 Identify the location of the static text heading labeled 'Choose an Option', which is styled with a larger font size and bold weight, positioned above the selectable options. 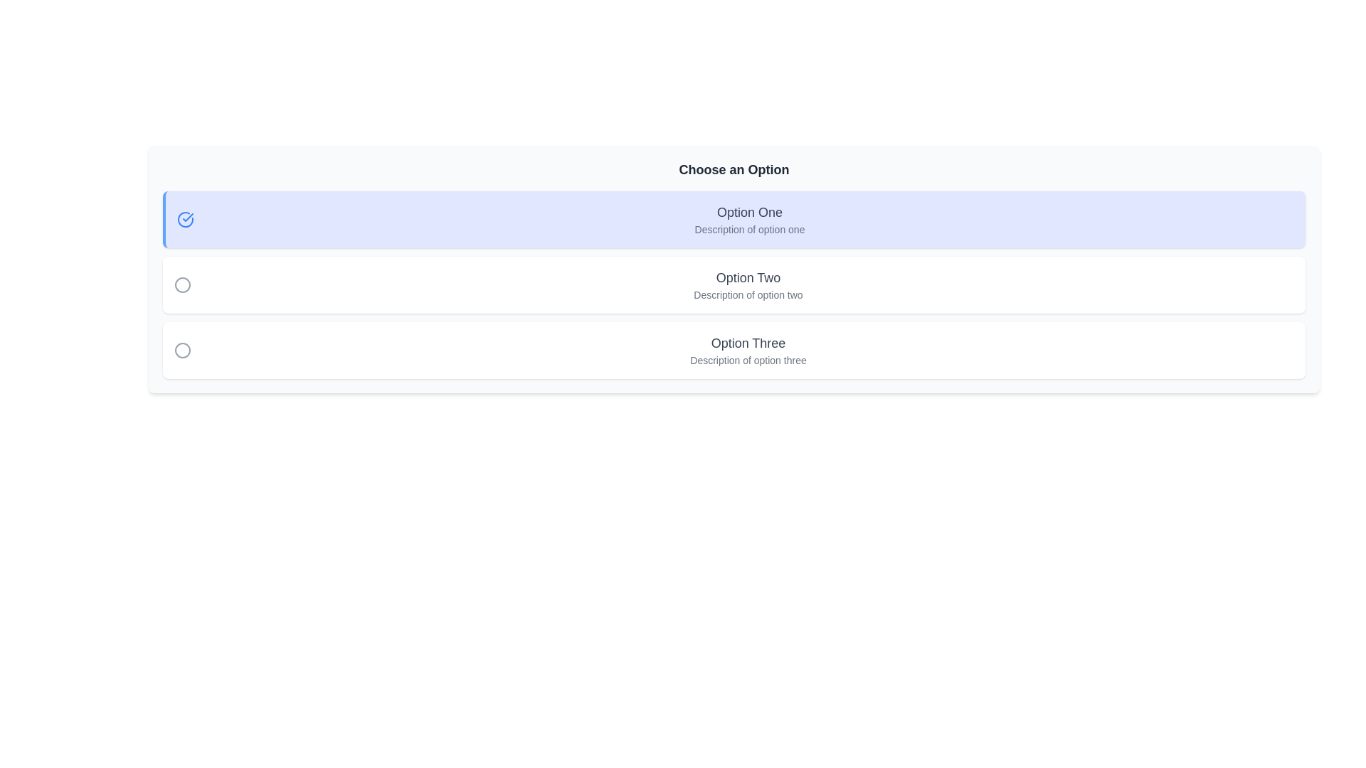
(734, 169).